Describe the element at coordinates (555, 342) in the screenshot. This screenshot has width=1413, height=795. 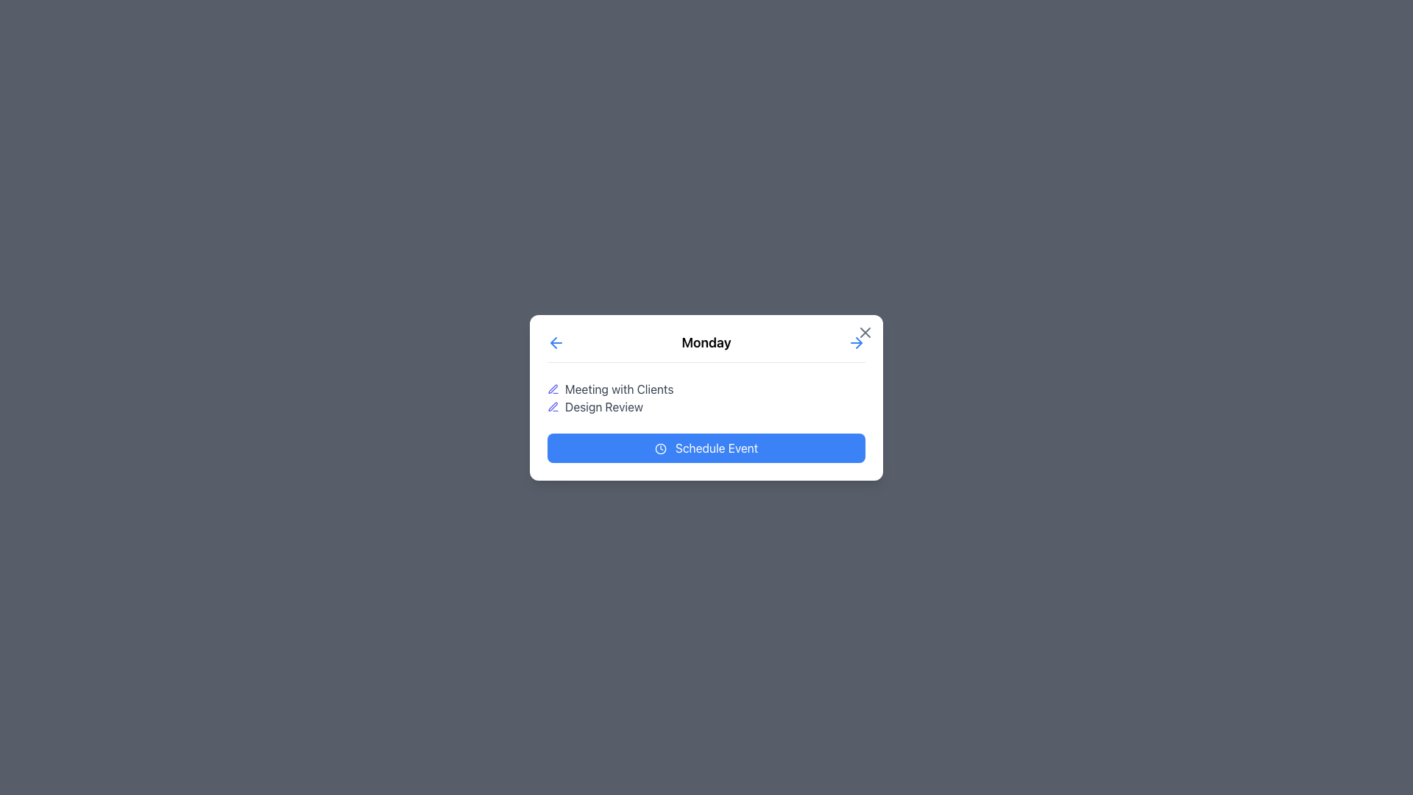
I see `the 'Back' button located to the left of the 'Monday' heading to observe the hover effect` at that location.